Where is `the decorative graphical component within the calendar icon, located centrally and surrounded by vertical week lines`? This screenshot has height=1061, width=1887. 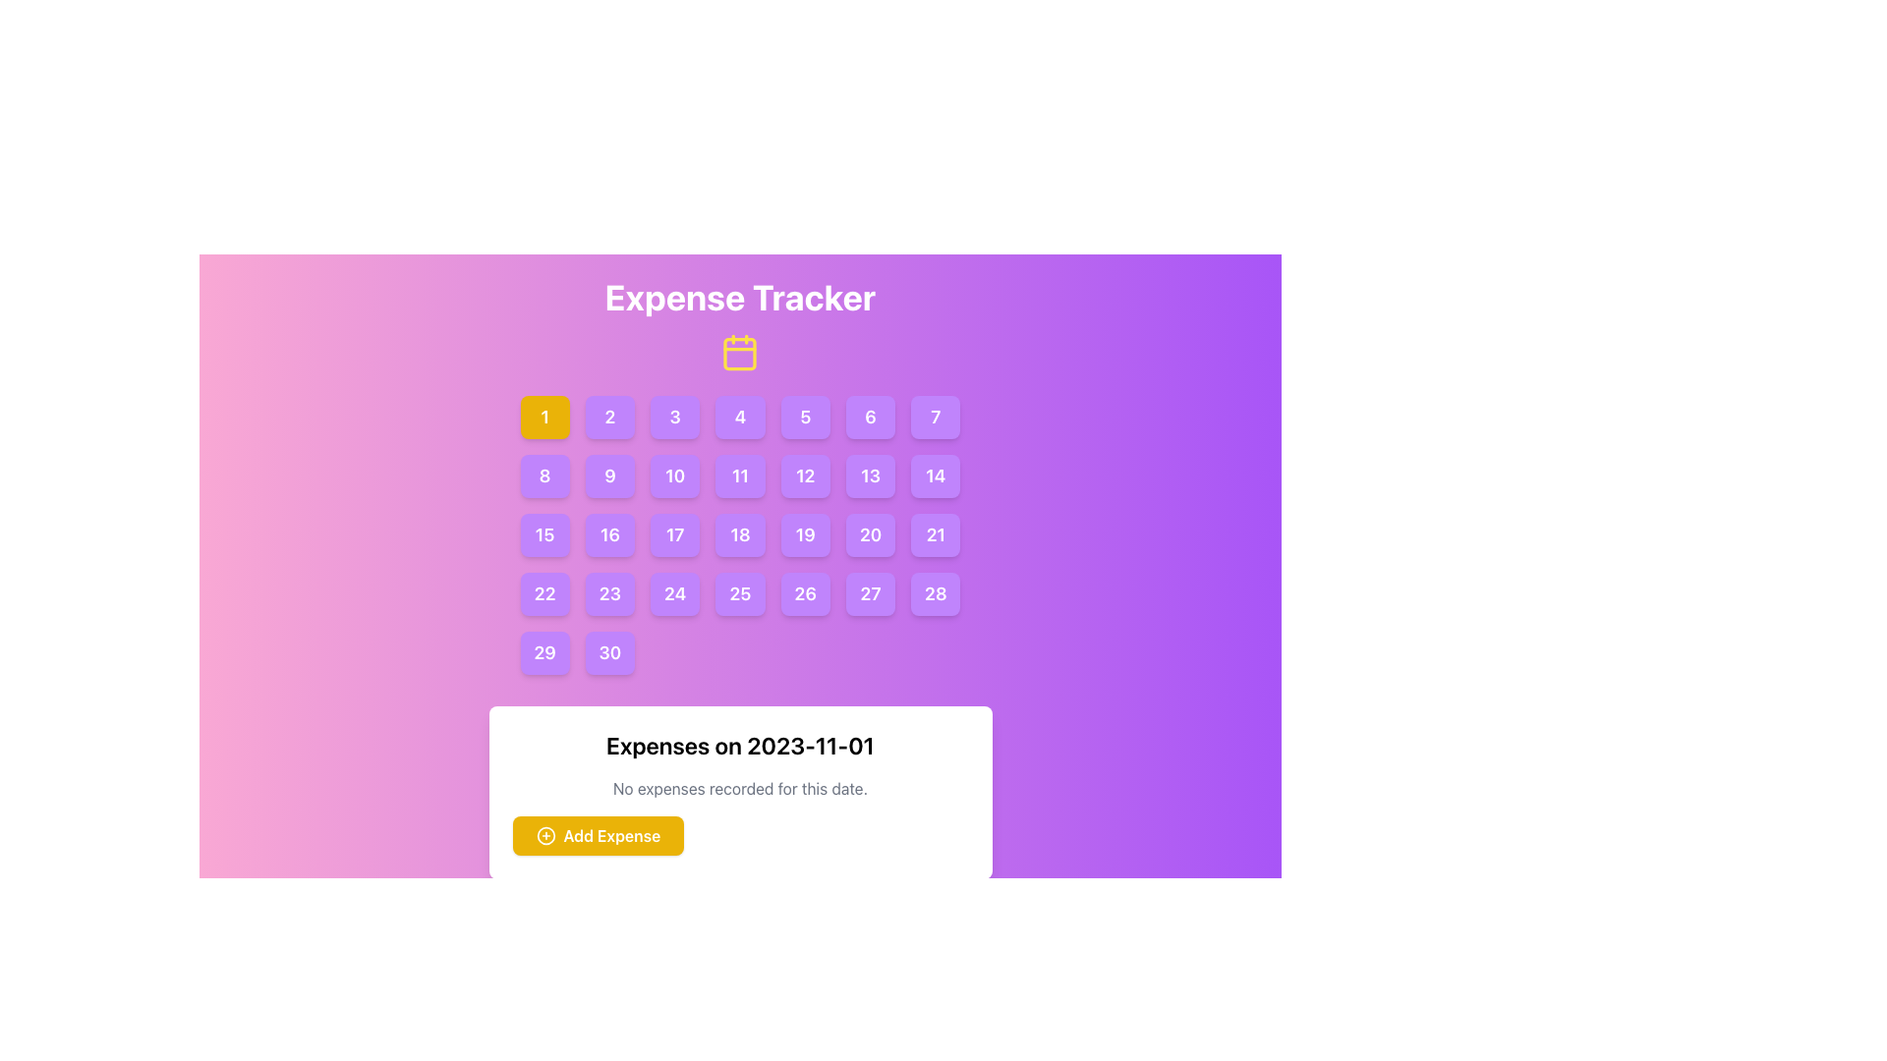 the decorative graphical component within the calendar icon, located centrally and surrounded by vertical week lines is located at coordinates (739, 354).